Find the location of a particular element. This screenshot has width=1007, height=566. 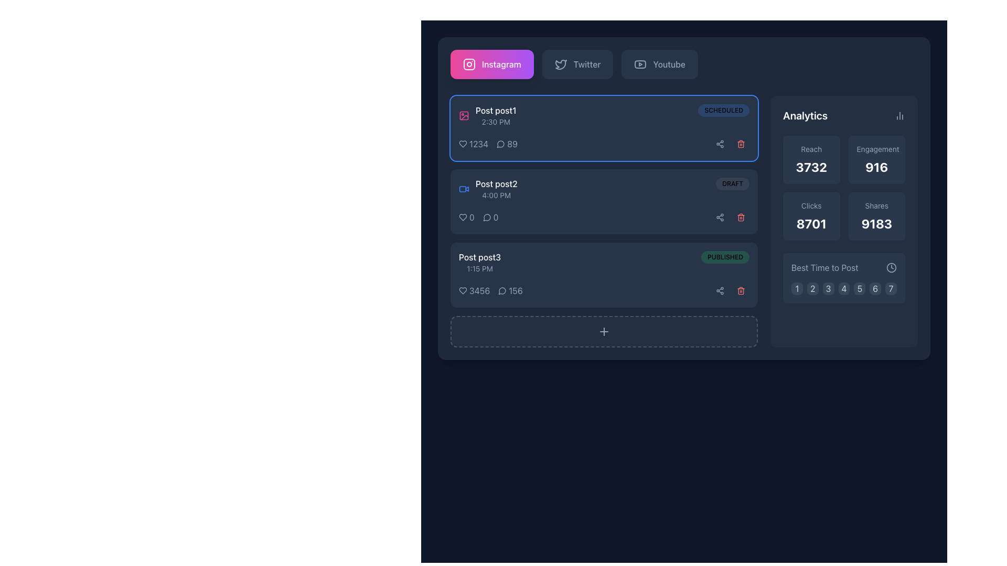

the pink-colored stylized icon resembling an image placeholder adjacent to the text 'Post post1' in the upper left portion of the interface is located at coordinates (463, 115).